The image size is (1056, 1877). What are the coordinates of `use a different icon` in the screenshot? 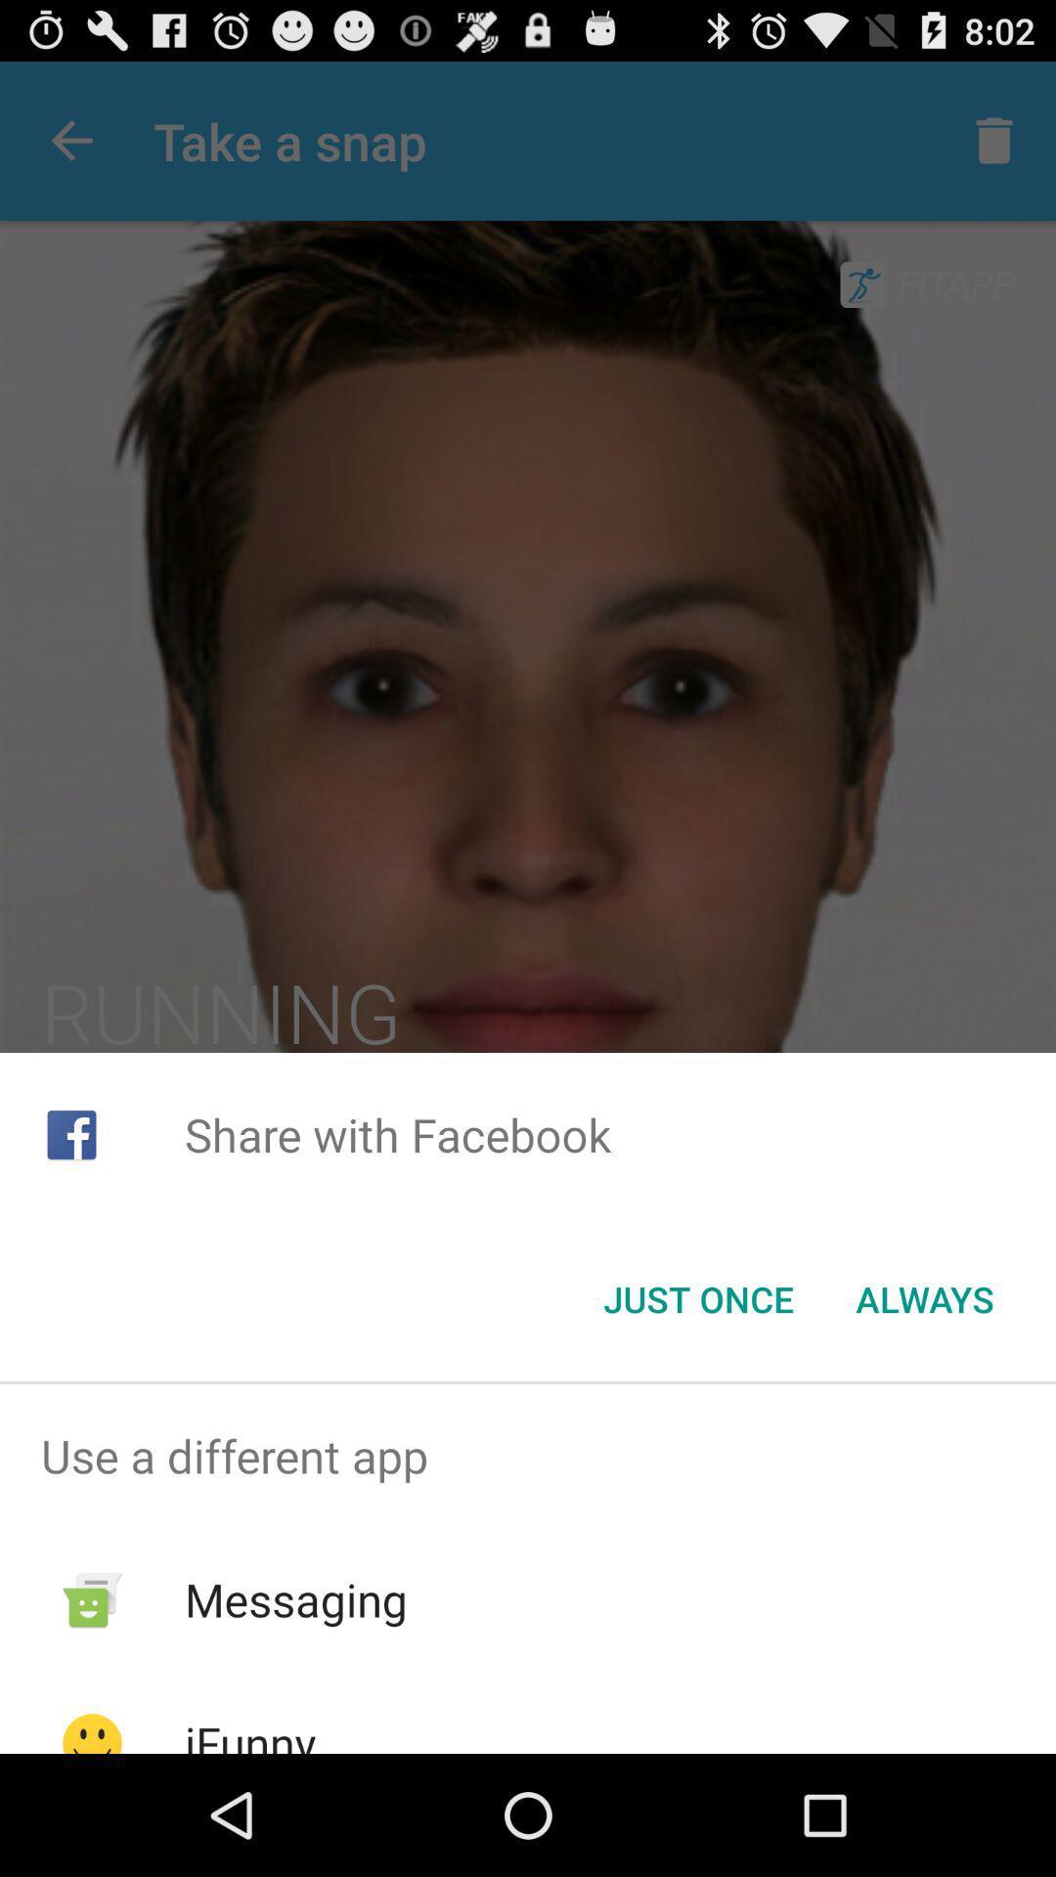 It's located at (528, 1456).